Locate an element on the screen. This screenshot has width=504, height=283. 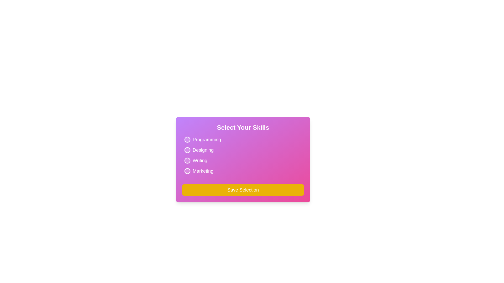
the skill Programming is located at coordinates (187, 139).